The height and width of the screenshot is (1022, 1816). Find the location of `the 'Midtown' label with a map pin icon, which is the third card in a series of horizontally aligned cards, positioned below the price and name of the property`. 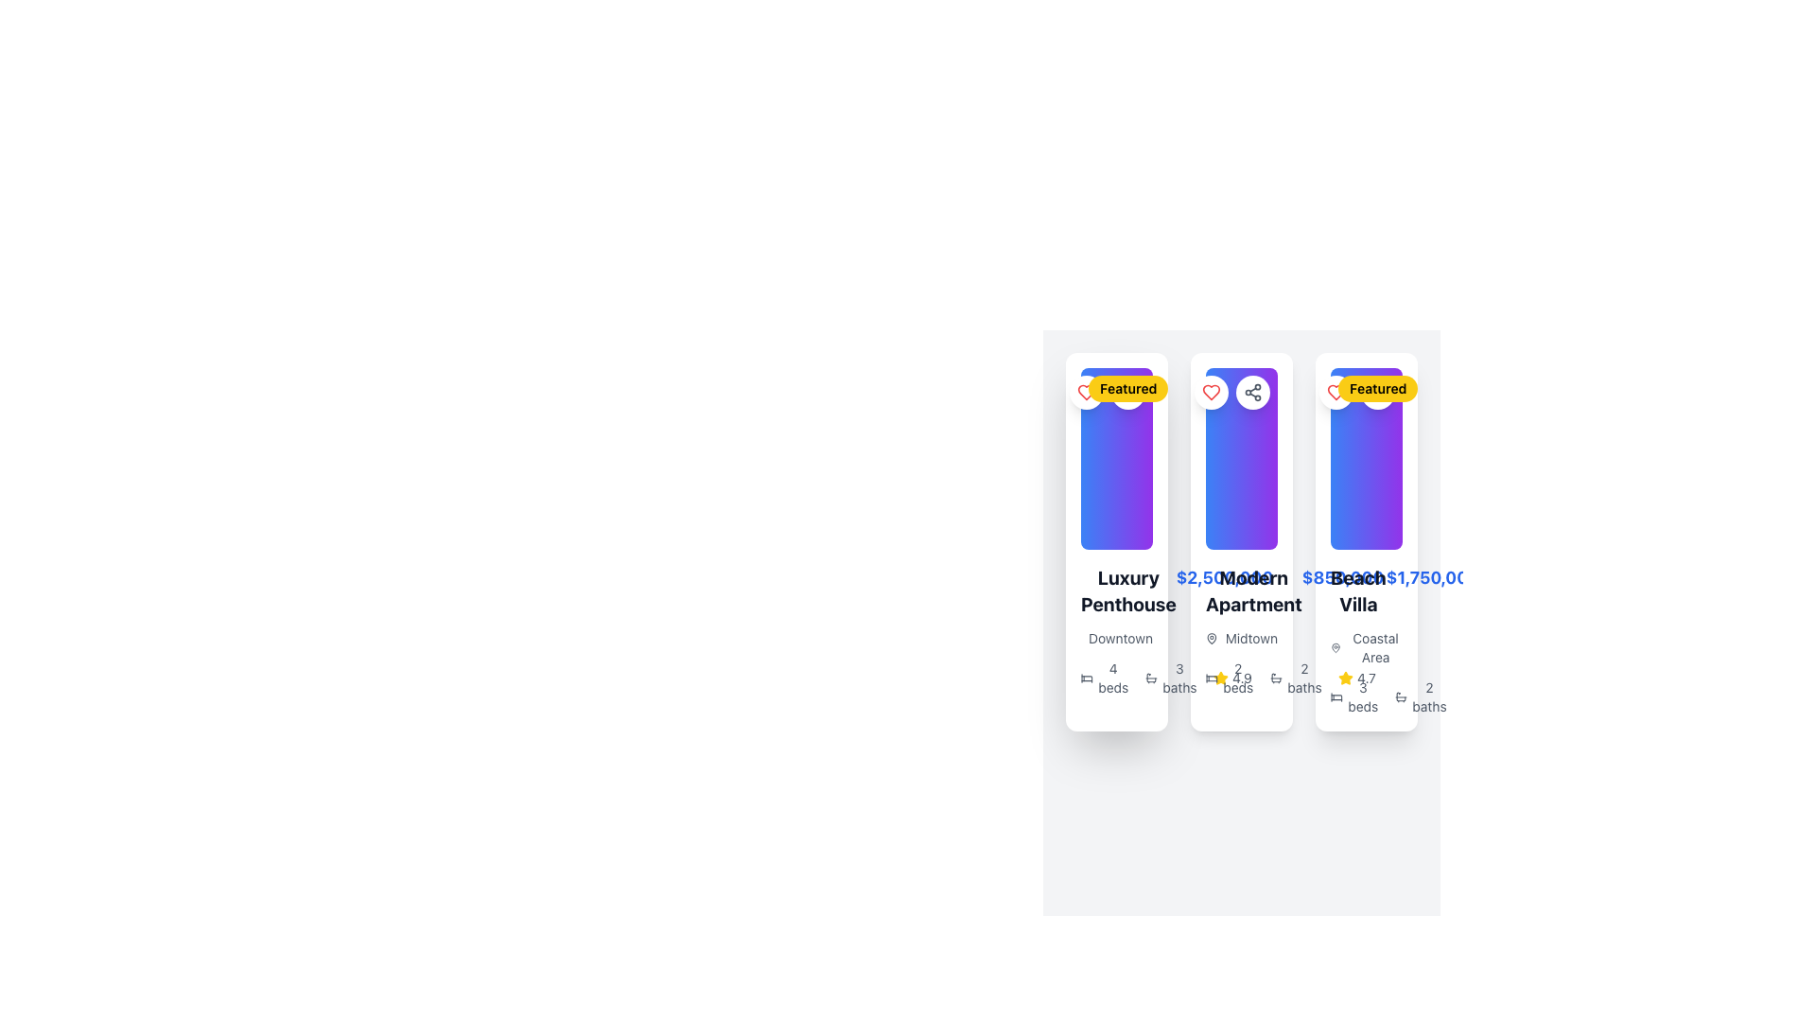

the 'Midtown' label with a map pin icon, which is the third card in a series of horizontally aligned cards, positioned below the price and name of the property is located at coordinates (1242, 639).